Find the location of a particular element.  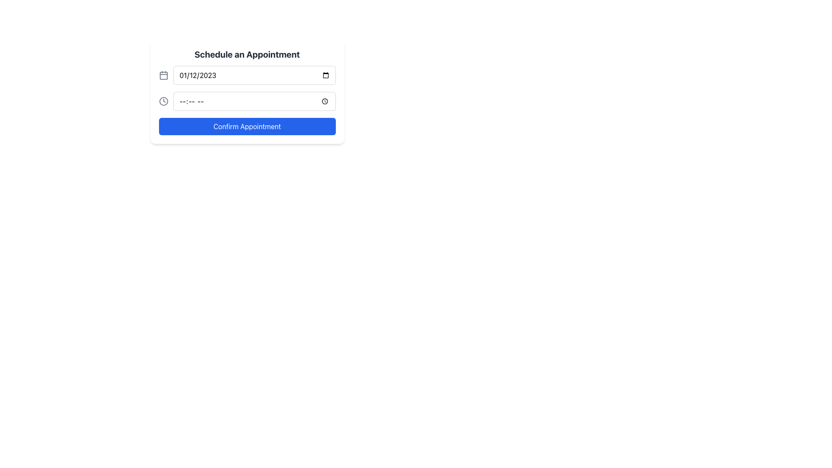

the circular outline icon that is part of a clock representation, located to the right of the time selection input field is located at coordinates (163, 101).